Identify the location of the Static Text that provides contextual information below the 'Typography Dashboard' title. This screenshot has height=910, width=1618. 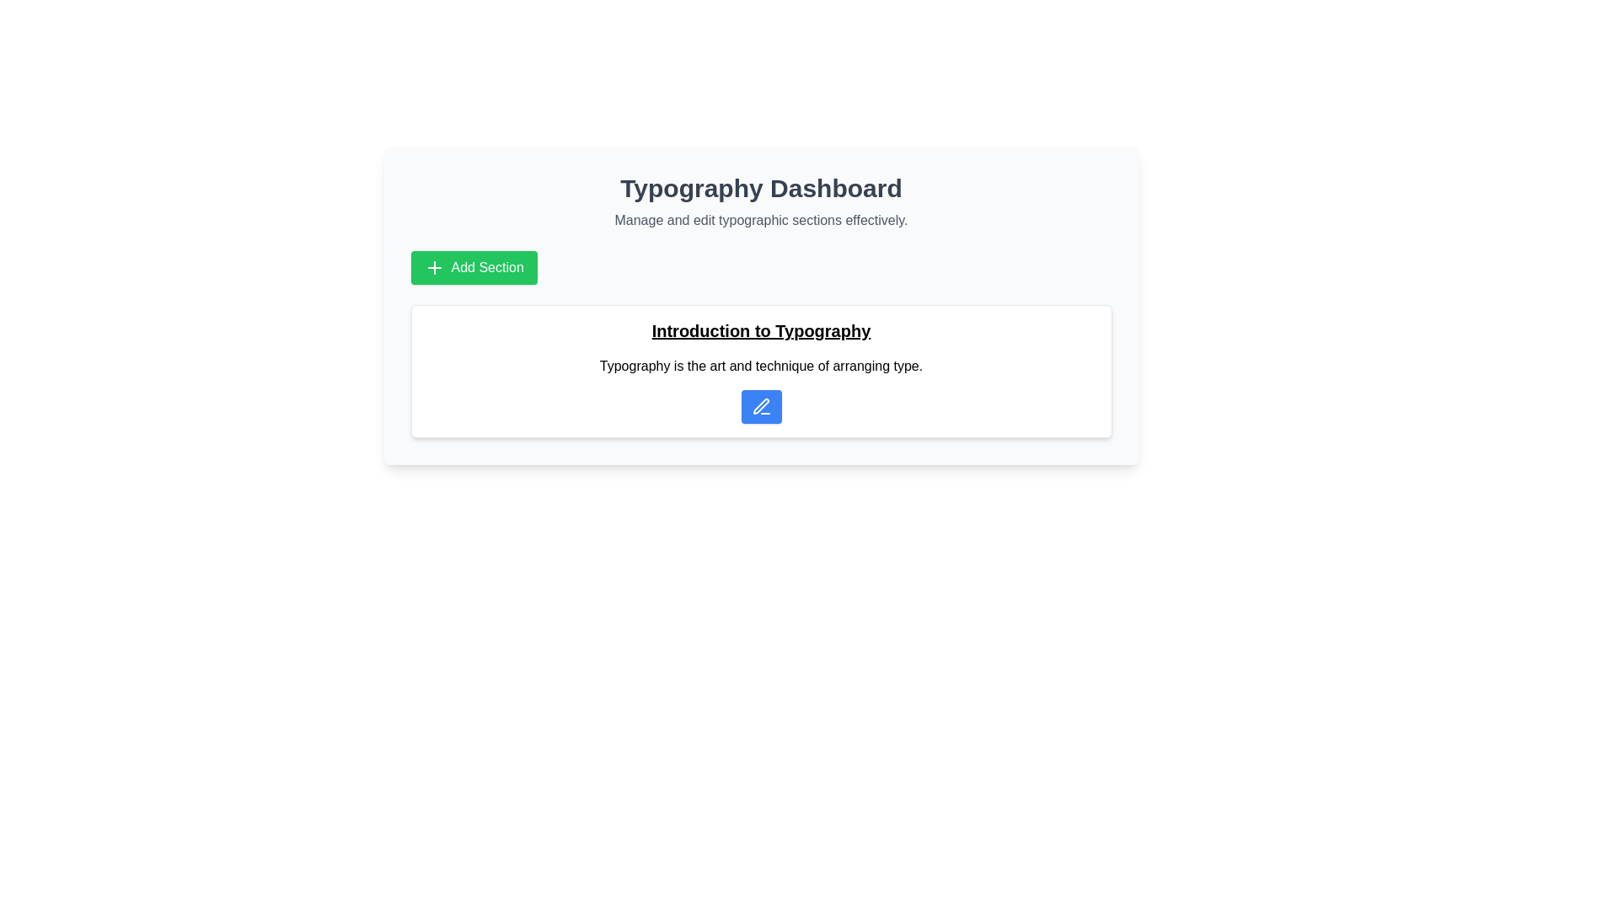
(760, 220).